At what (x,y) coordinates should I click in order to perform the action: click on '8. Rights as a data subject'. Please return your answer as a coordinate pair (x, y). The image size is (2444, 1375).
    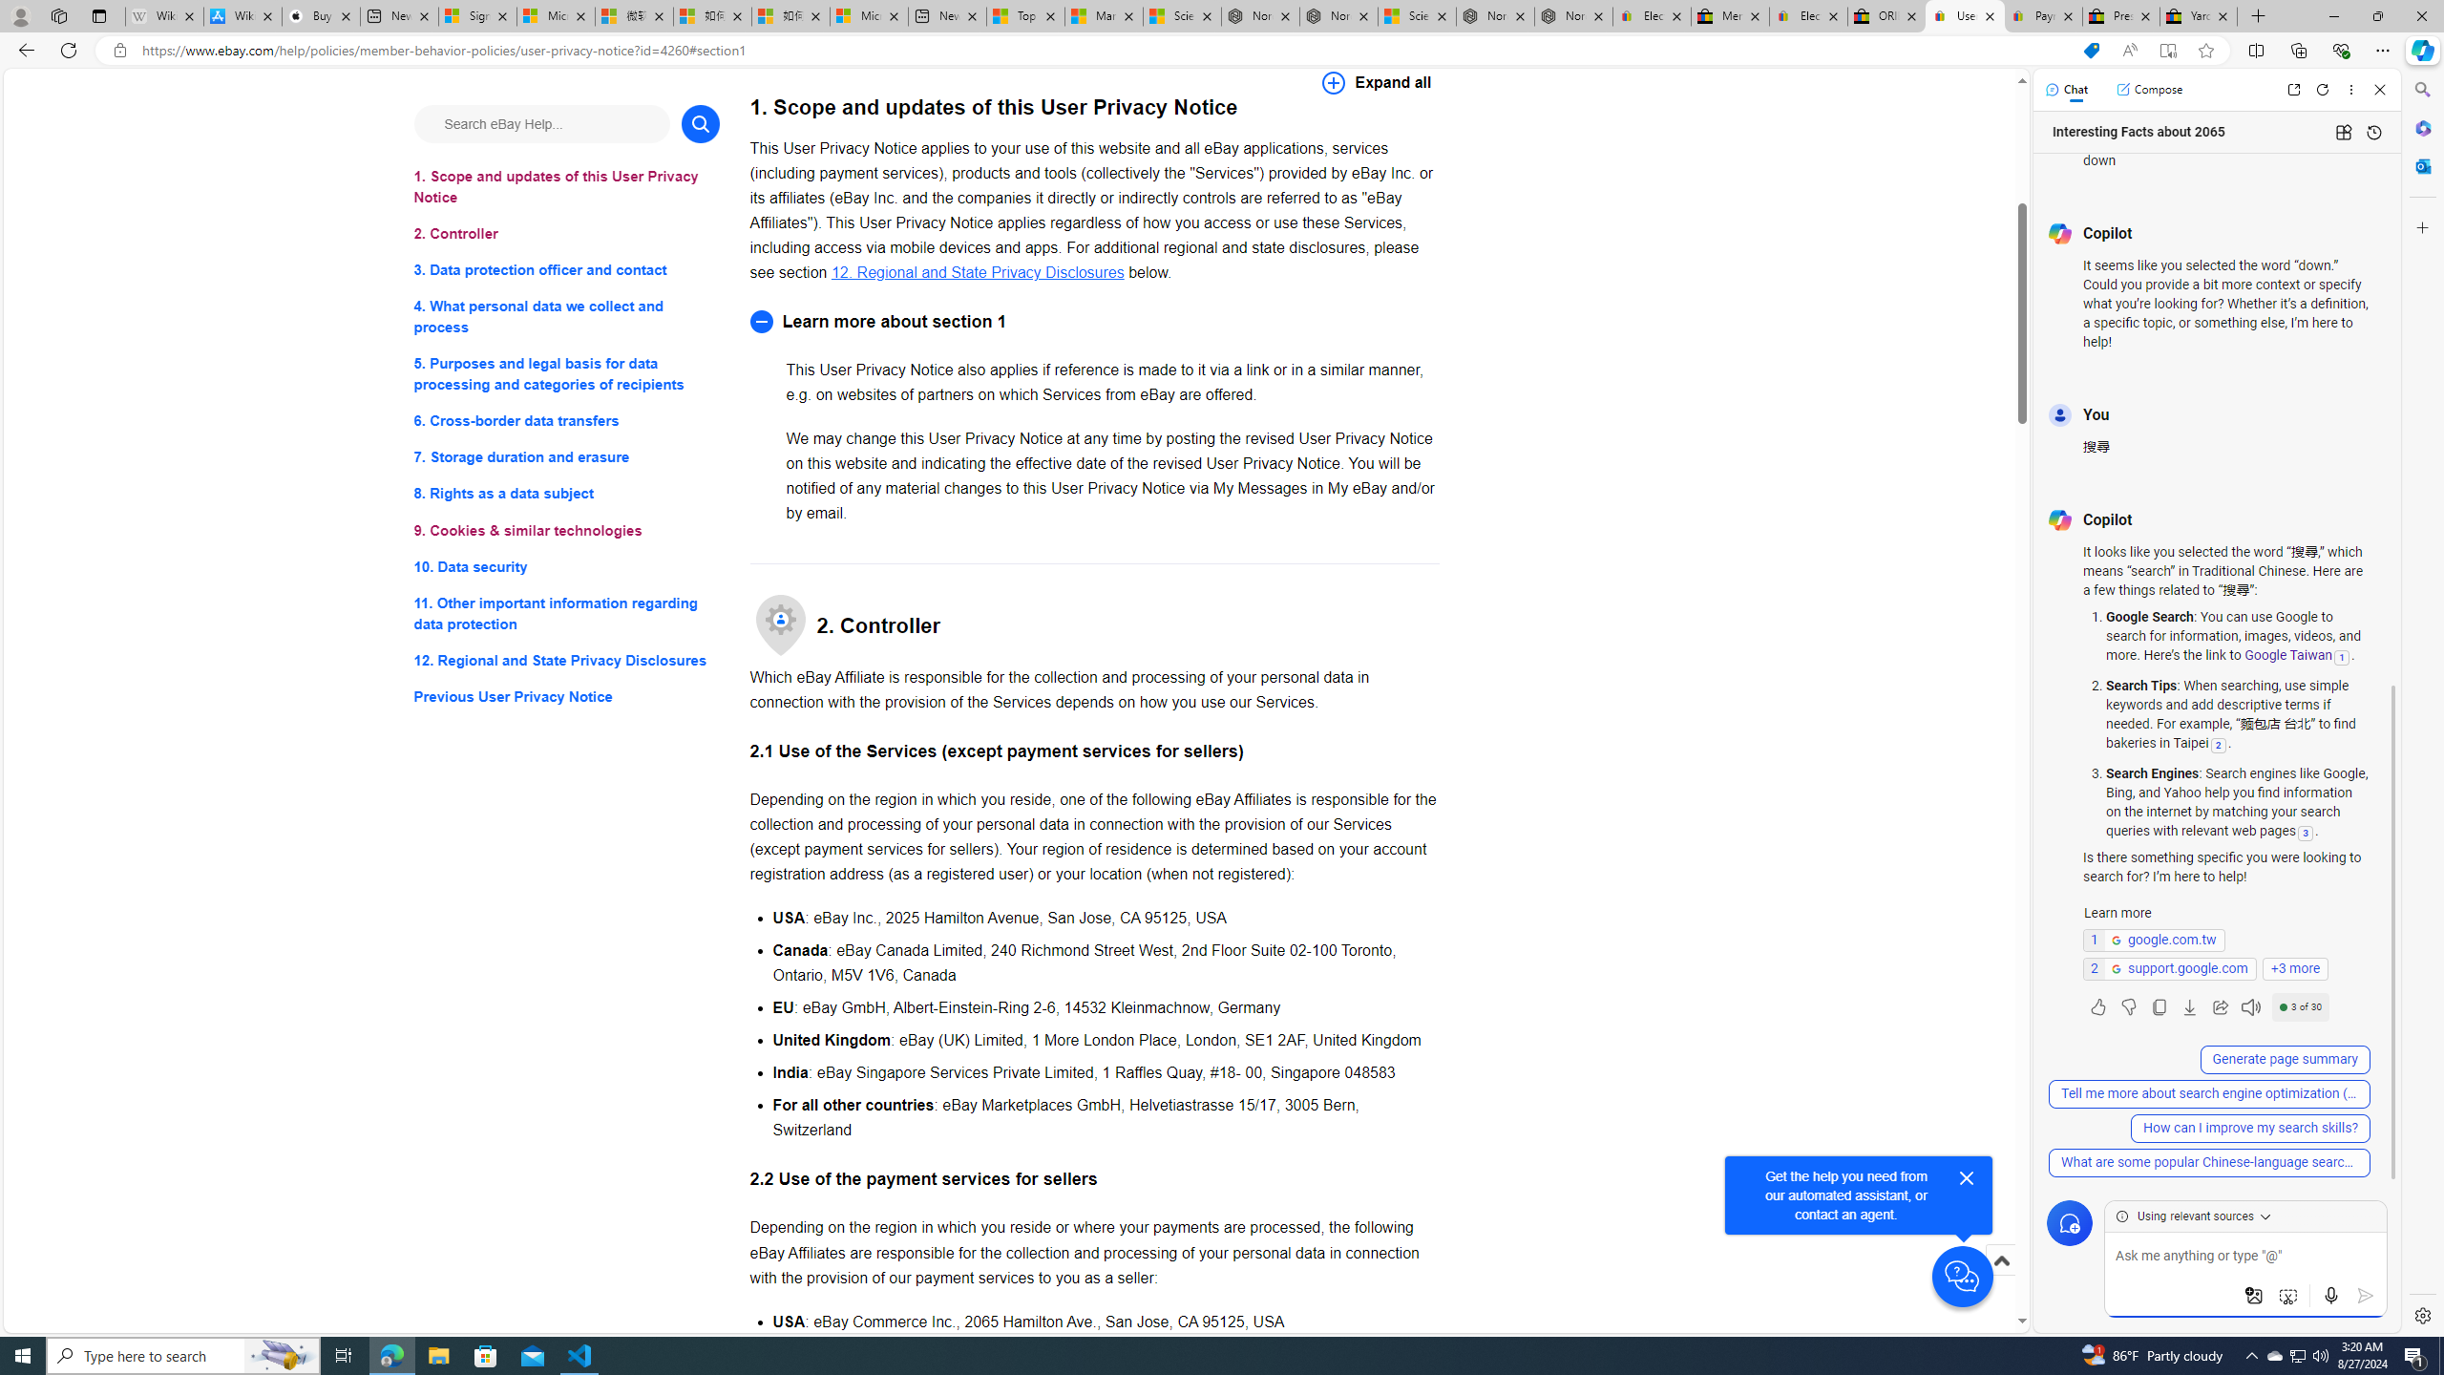
    Looking at the image, I should click on (565, 493).